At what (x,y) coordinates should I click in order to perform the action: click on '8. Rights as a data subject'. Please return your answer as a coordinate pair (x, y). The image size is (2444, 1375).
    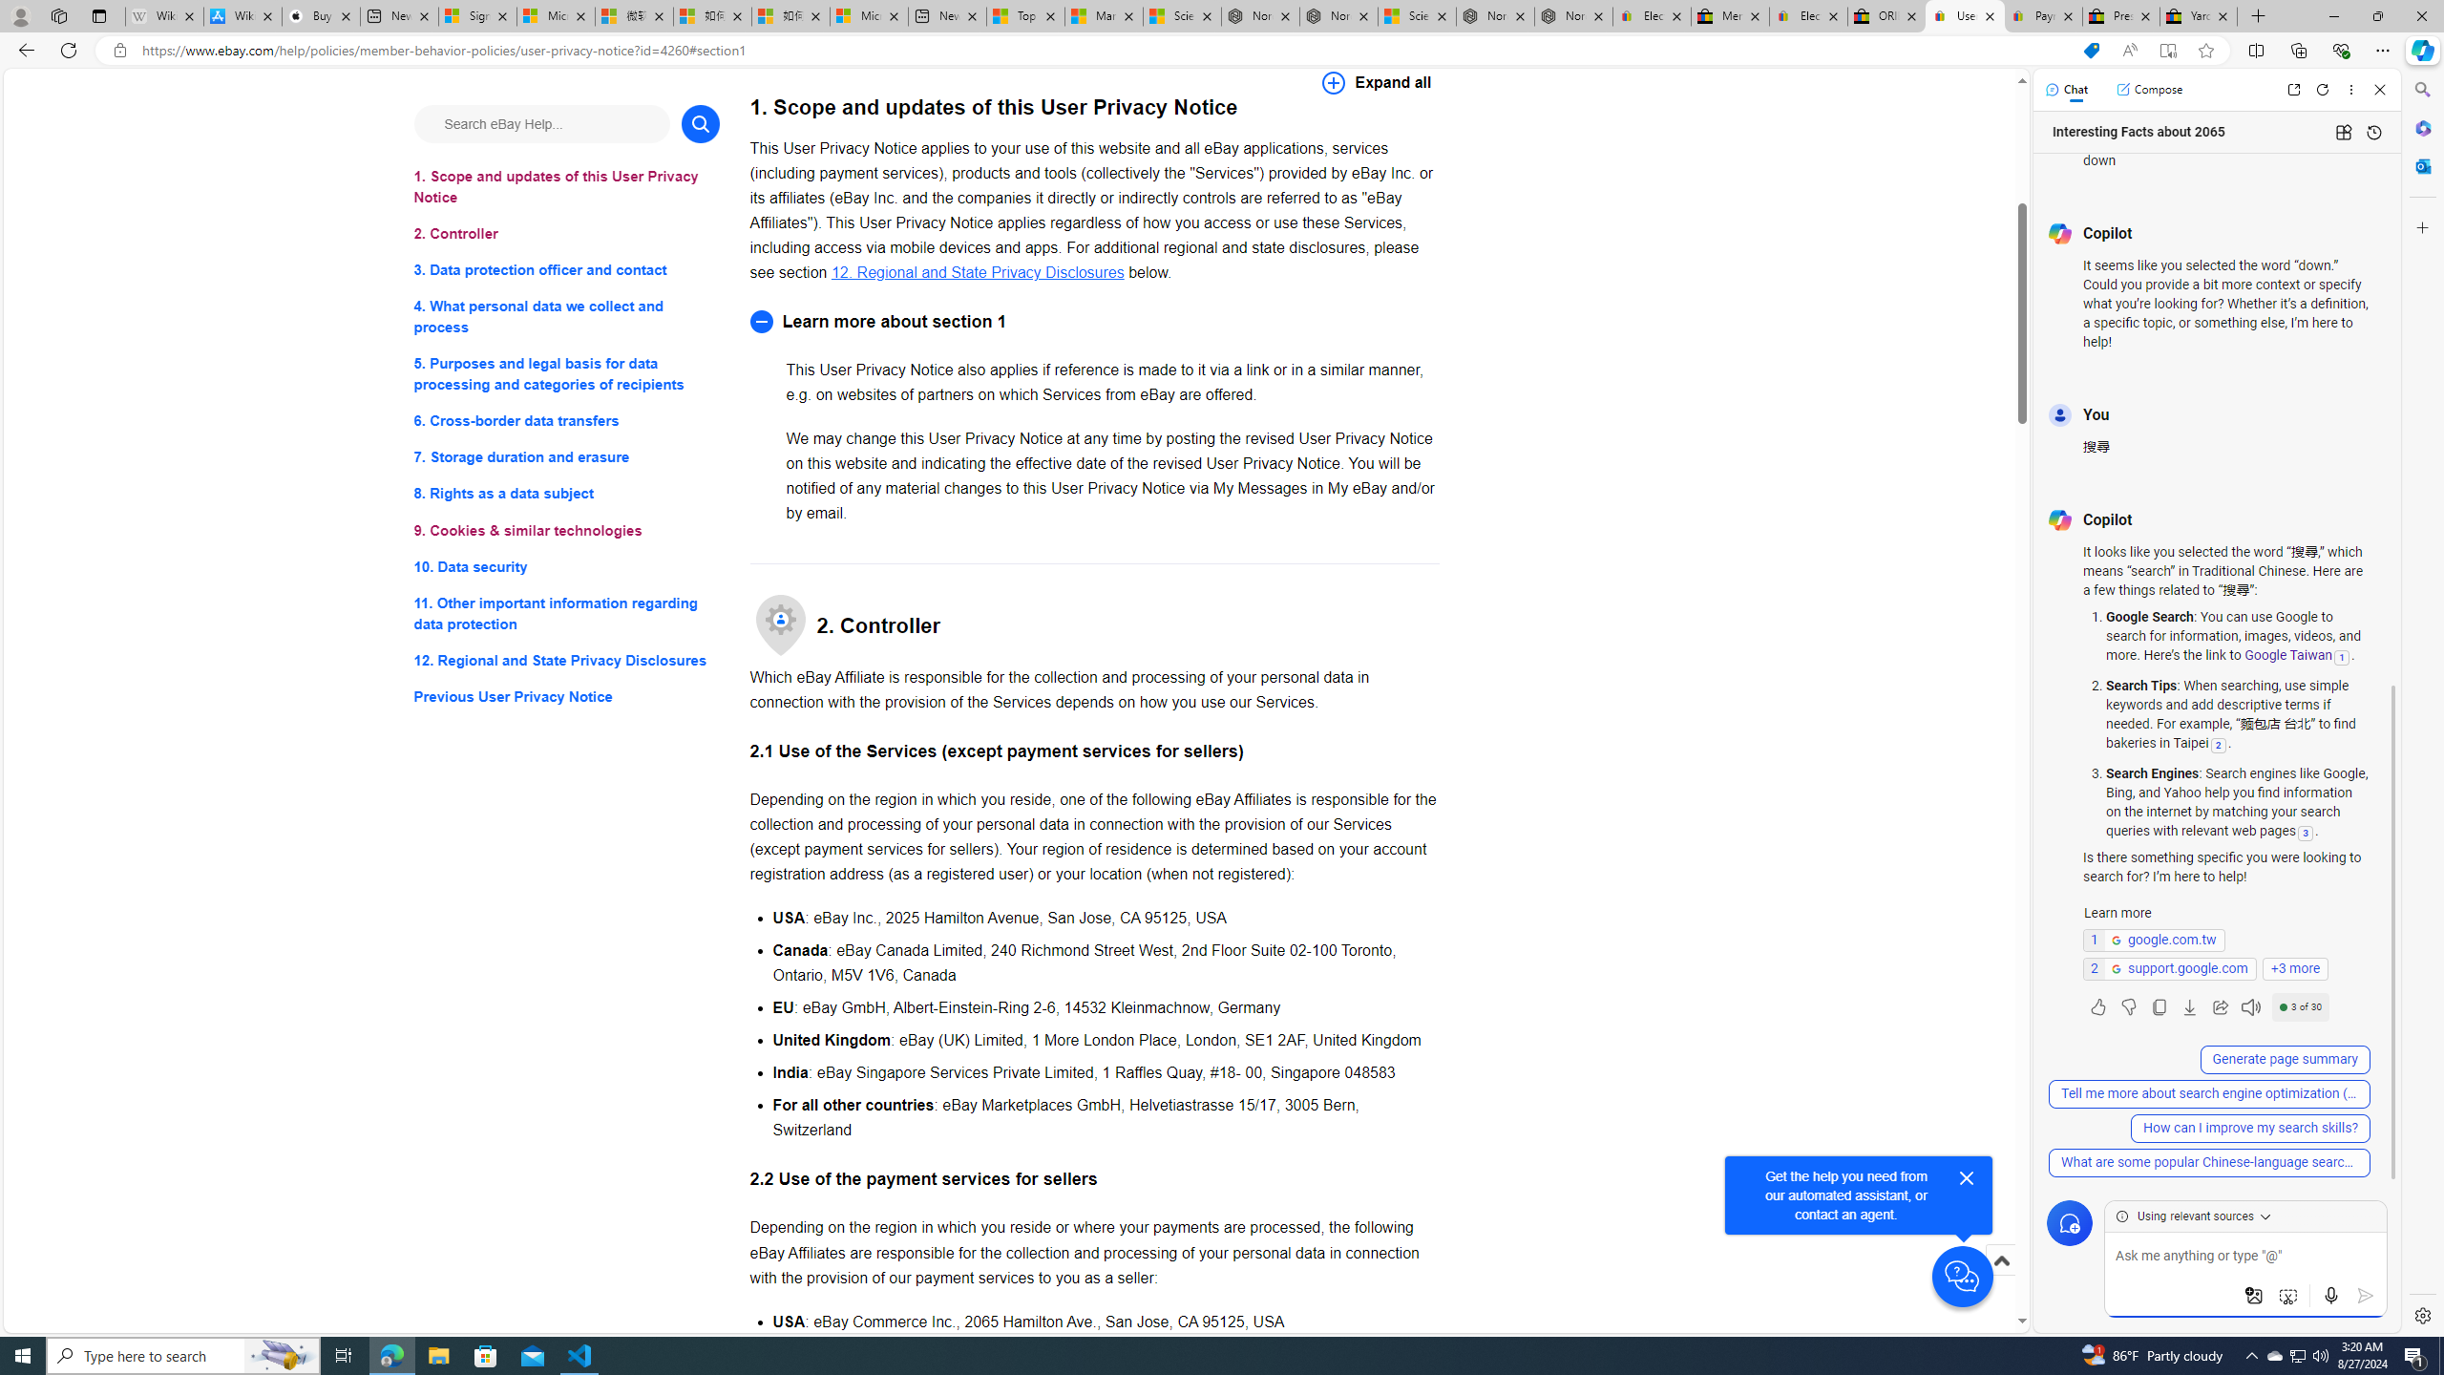
    Looking at the image, I should click on (565, 493).